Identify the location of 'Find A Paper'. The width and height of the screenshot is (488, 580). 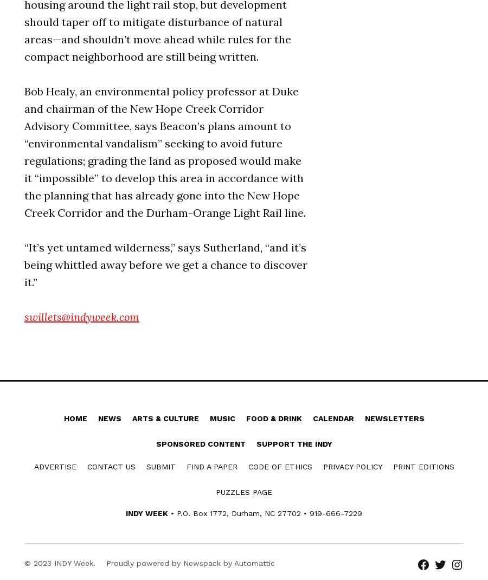
(211, 466).